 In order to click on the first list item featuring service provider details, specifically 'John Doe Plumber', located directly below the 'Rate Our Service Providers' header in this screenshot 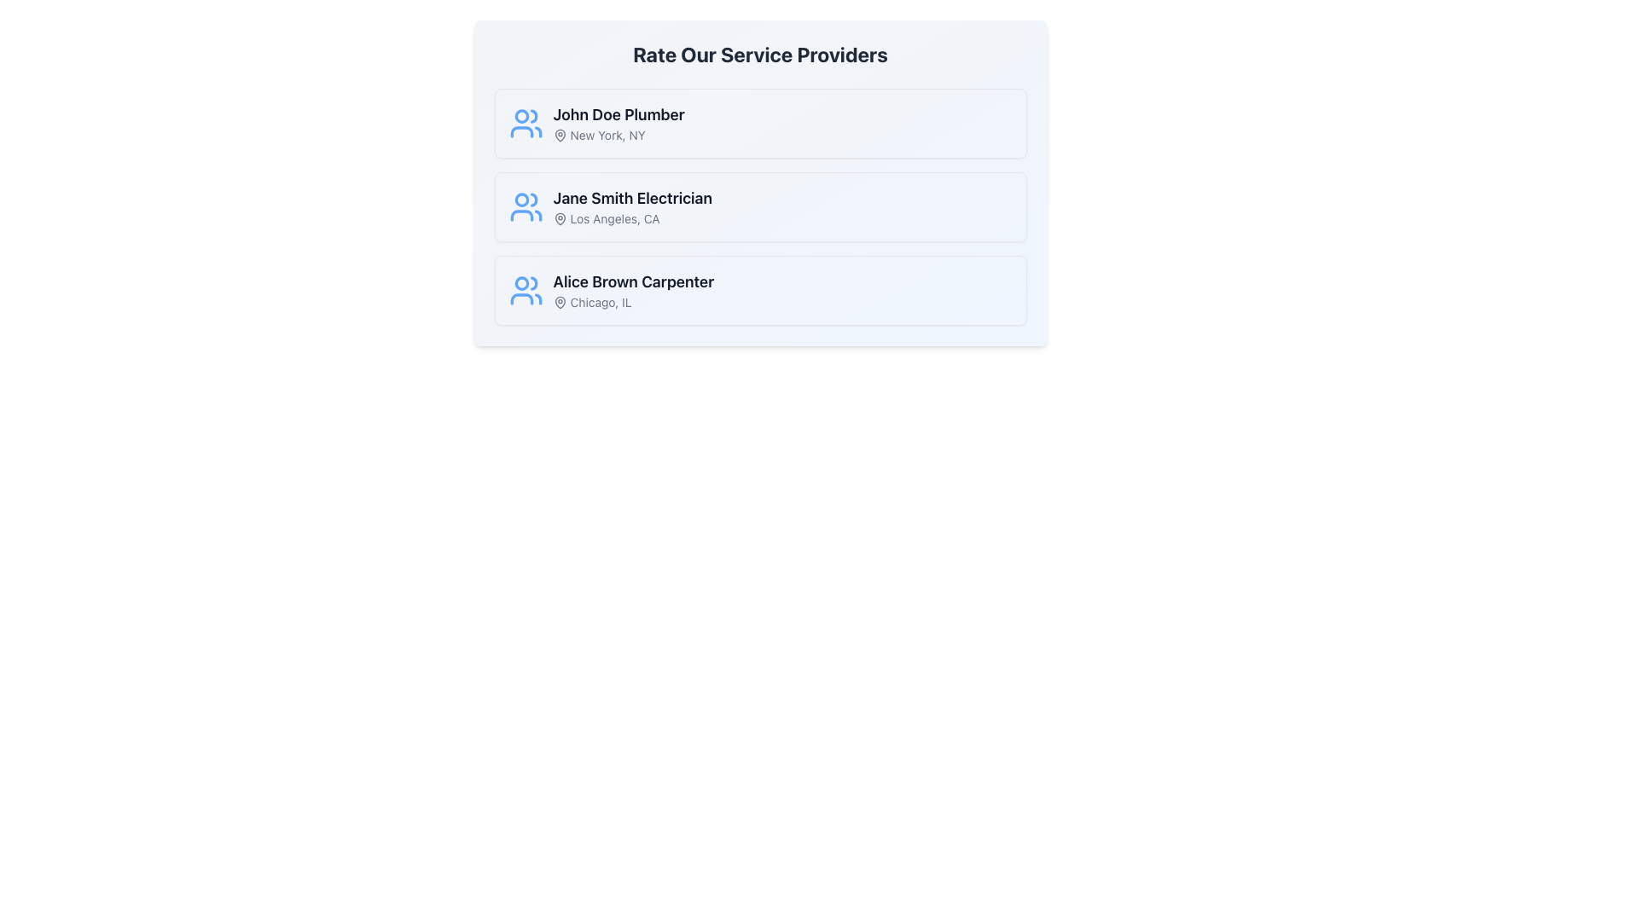, I will do `click(759, 123)`.